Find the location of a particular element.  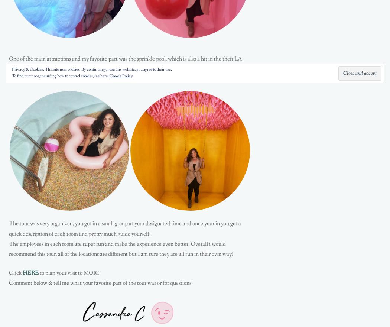

'To find out more, including how to control cookies, see here:' is located at coordinates (61, 76).